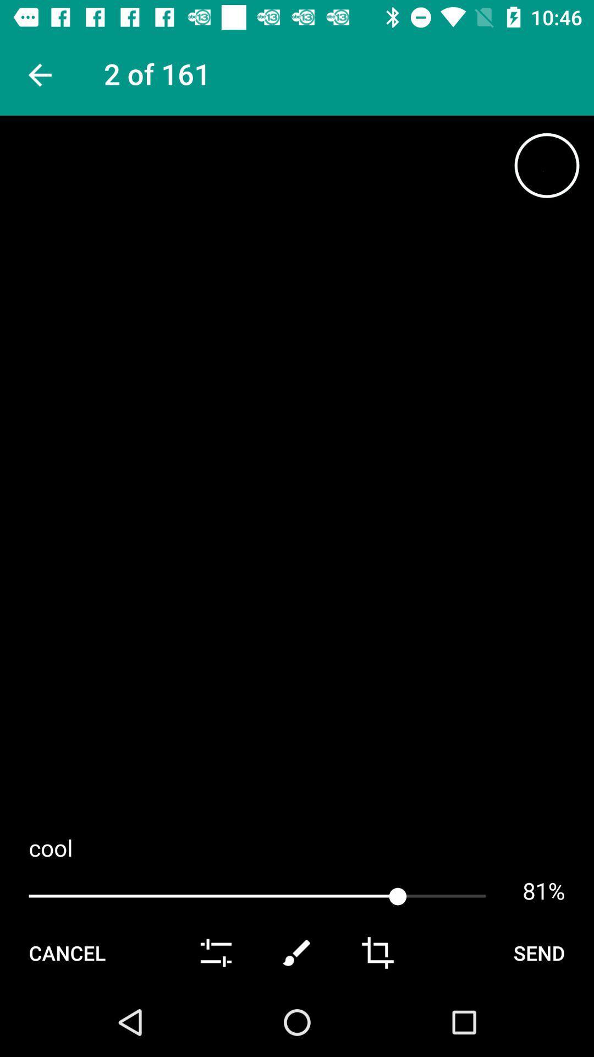  I want to click on the item next to the cancel app, so click(216, 952).